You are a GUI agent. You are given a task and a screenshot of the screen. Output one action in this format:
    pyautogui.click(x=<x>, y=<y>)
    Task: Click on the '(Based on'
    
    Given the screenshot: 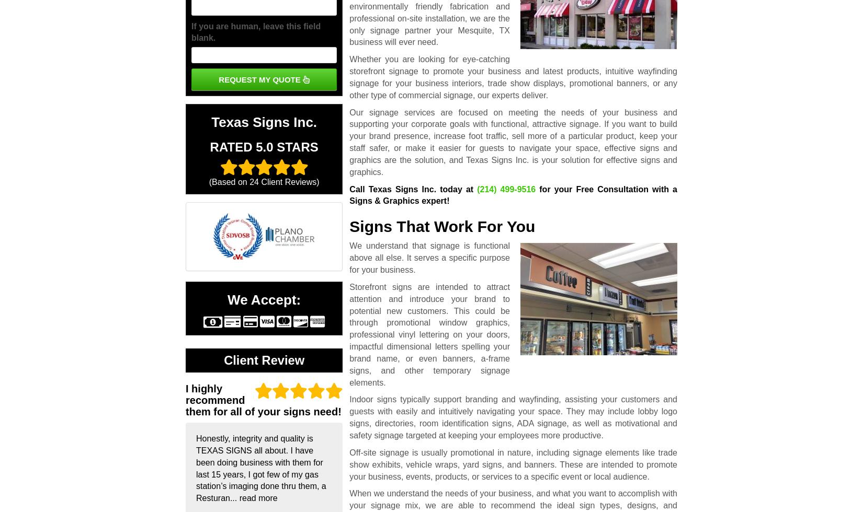 What is the action you would take?
    pyautogui.click(x=229, y=182)
    